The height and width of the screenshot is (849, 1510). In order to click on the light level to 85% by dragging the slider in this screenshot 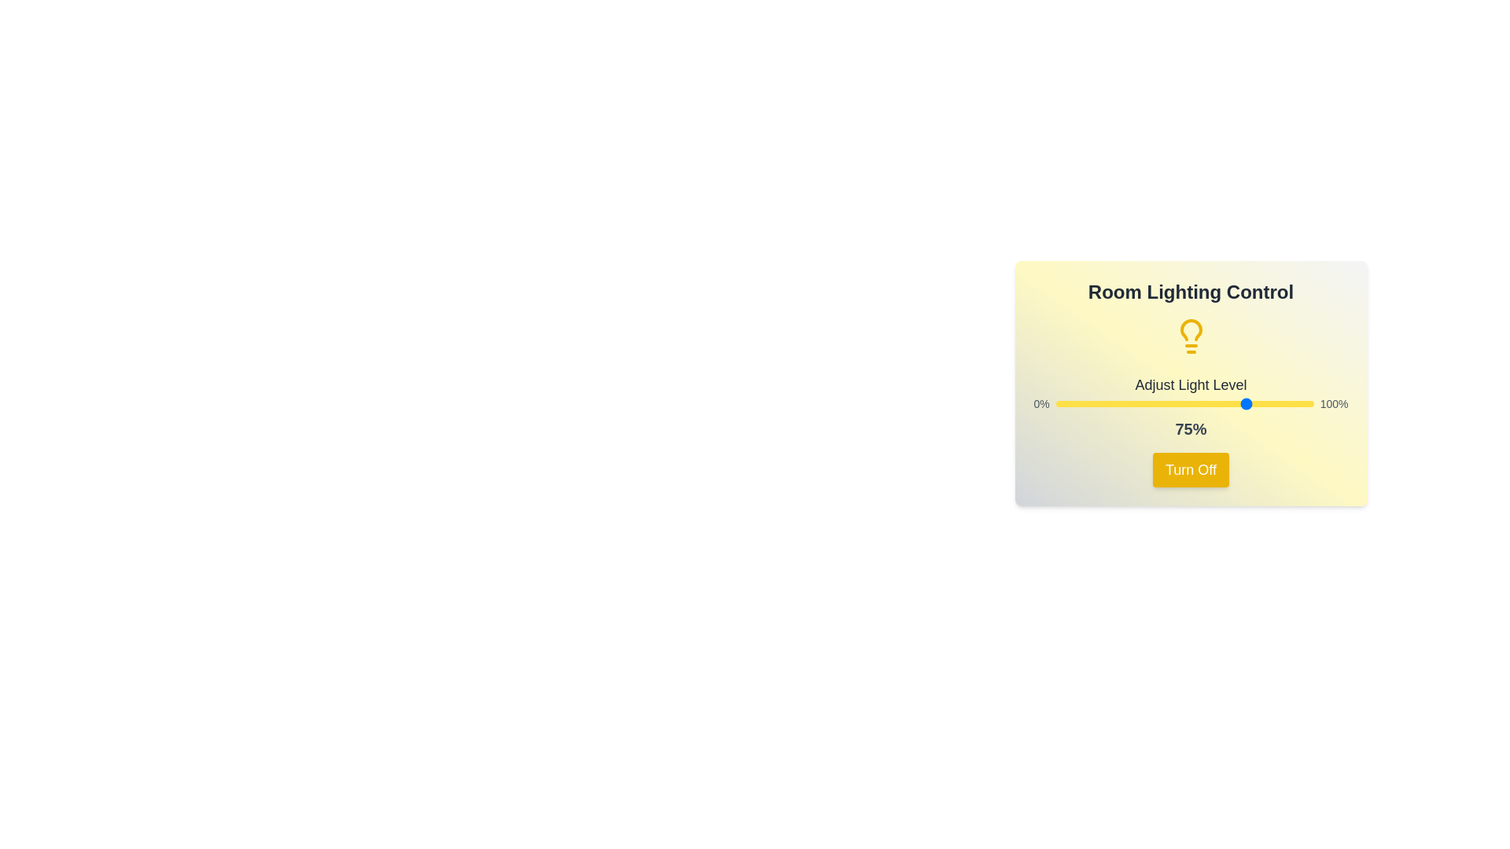, I will do `click(1275, 402)`.